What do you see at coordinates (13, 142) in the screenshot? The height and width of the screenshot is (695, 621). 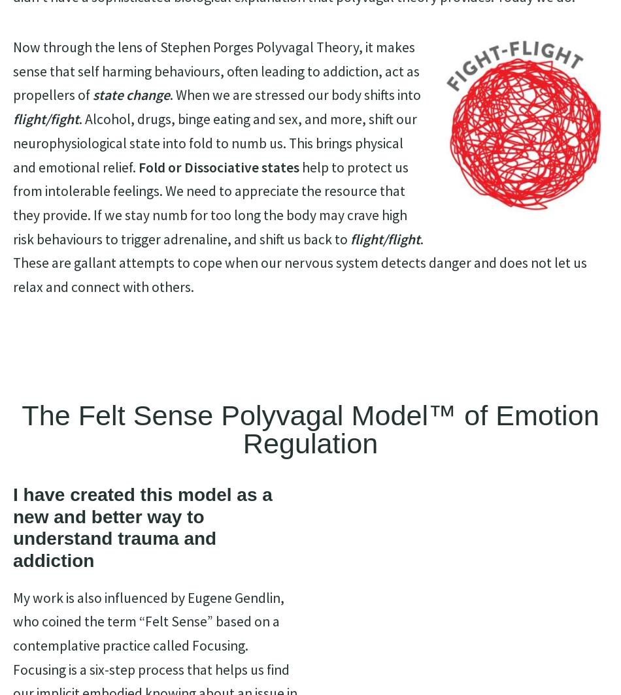 I see `'. Alcohol, drugs, binge eating and sex, and more, shift our neurophysiological state into fold to numb us. This brings physical and emotional relief.'` at bounding box center [13, 142].